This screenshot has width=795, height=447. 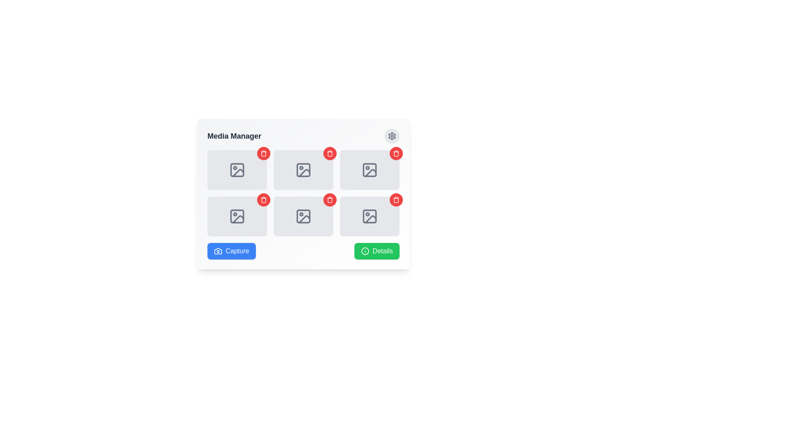 I want to click on the tile in the third row and third column of the grid, which has a light gray background and an image file outline icon in the center, so click(x=369, y=216).